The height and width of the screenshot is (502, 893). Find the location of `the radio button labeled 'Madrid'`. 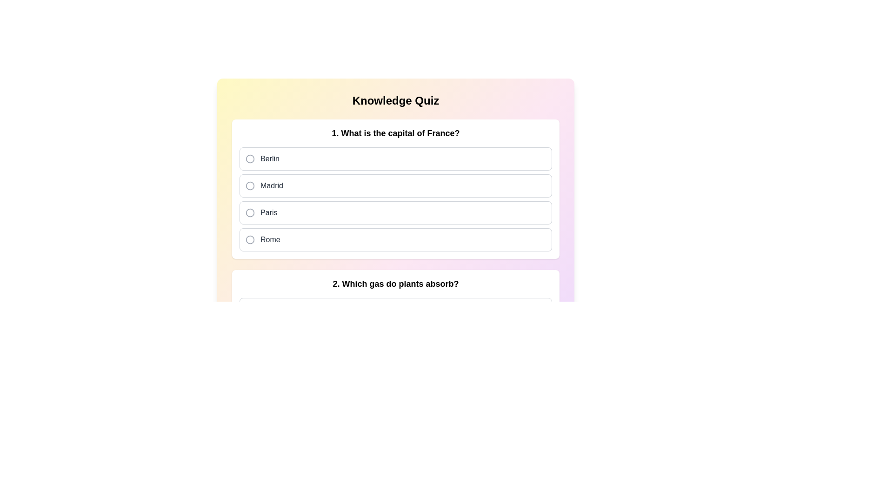

the radio button labeled 'Madrid' is located at coordinates (395, 185).